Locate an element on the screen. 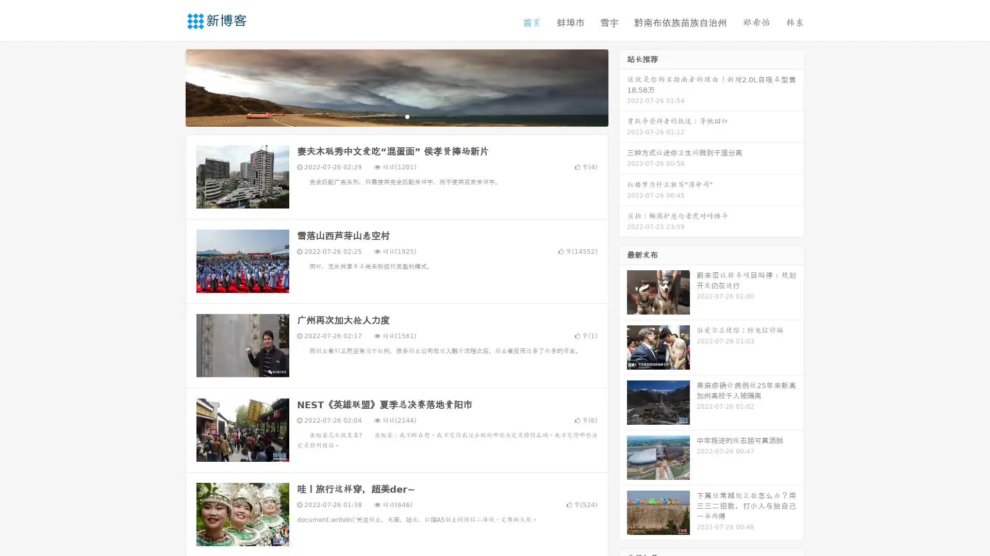 The height and width of the screenshot is (556, 990). Previous slide is located at coordinates (170, 86).